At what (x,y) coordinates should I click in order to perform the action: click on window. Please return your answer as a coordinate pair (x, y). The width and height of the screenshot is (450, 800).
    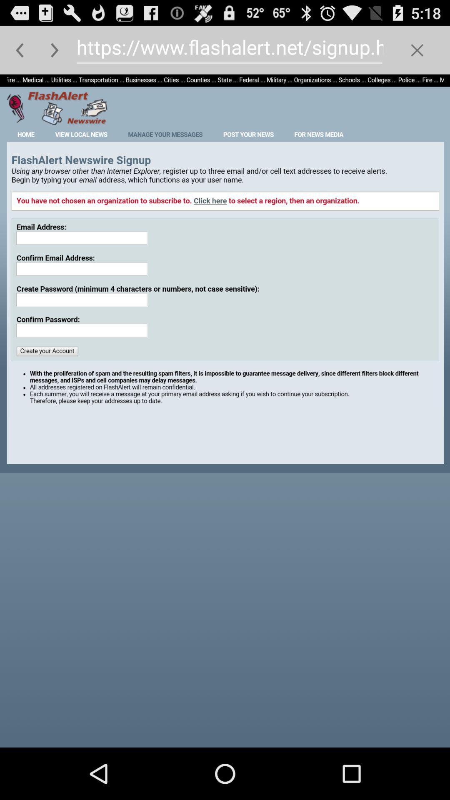
    Looking at the image, I should click on (417, 50).